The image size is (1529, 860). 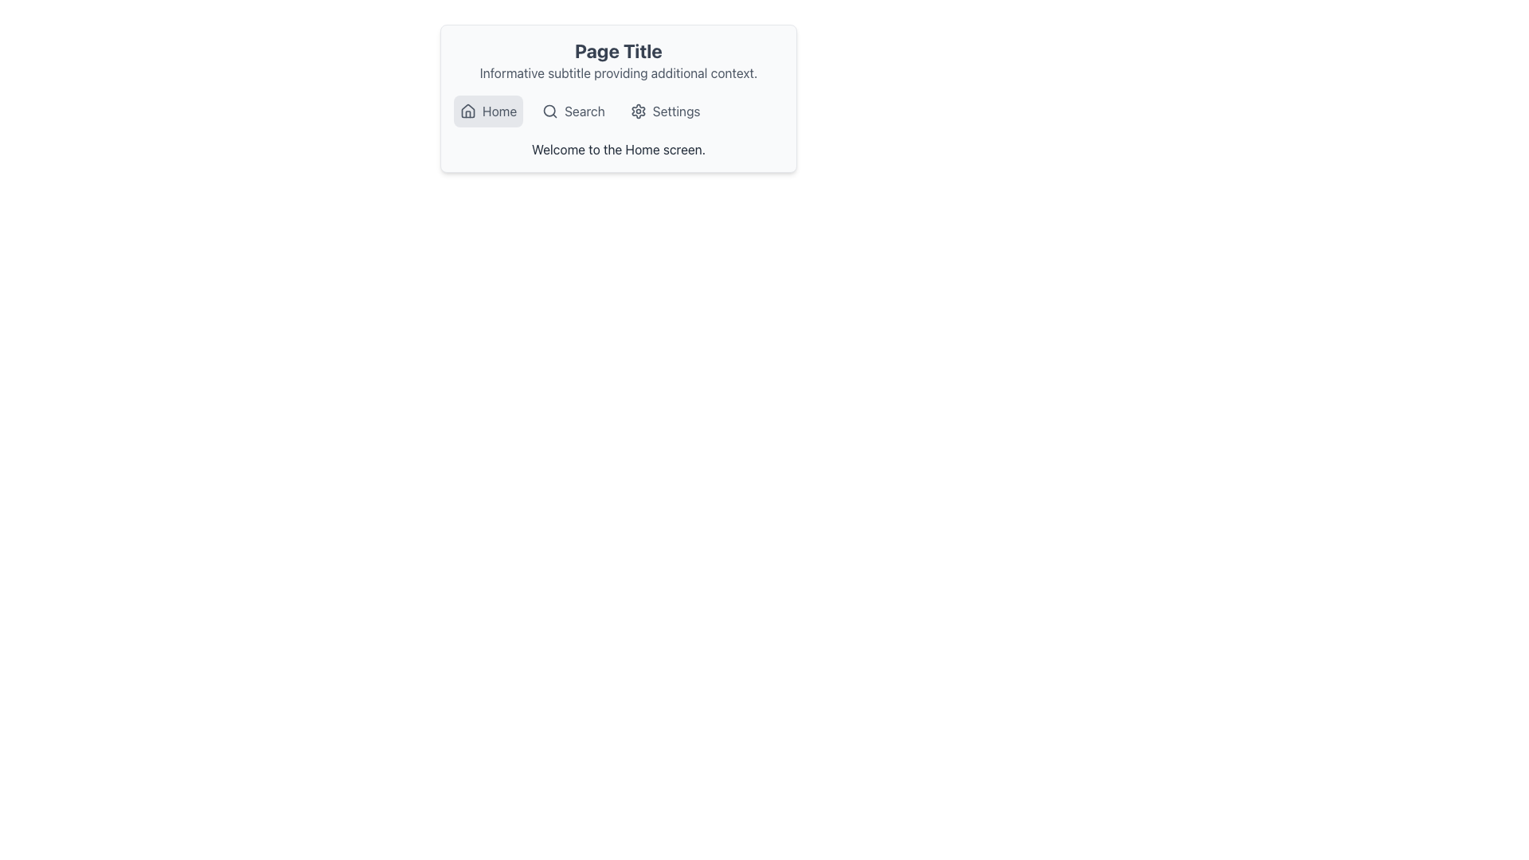 I want to click on the text label located below the main title 'Page Title' which provides additional context or information related to it, so click(x=618, y=73).